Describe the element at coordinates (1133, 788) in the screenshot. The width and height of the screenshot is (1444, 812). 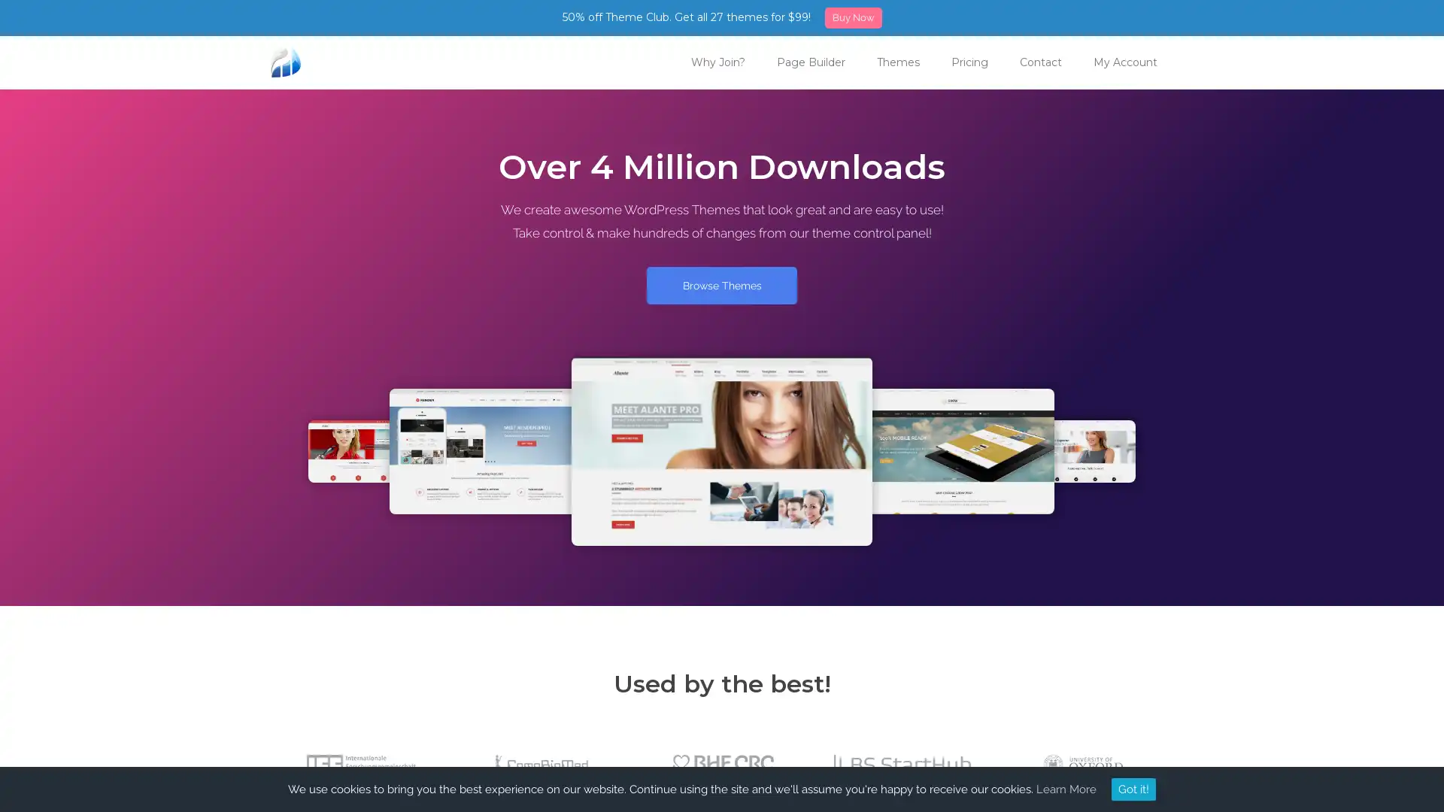
I see `Got it!` at that location.